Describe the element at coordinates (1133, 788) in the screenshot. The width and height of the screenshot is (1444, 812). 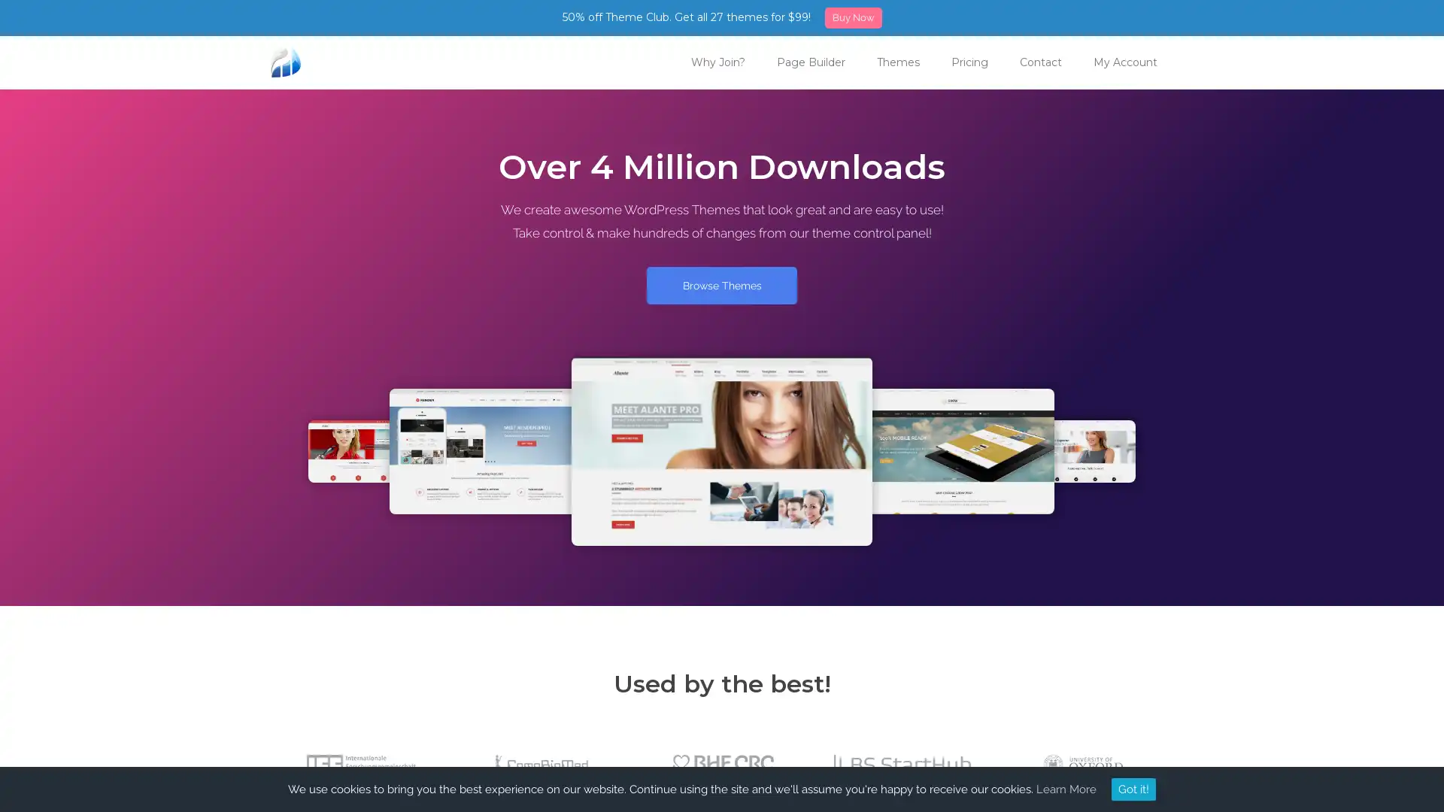
I see `Got it!` at that location.